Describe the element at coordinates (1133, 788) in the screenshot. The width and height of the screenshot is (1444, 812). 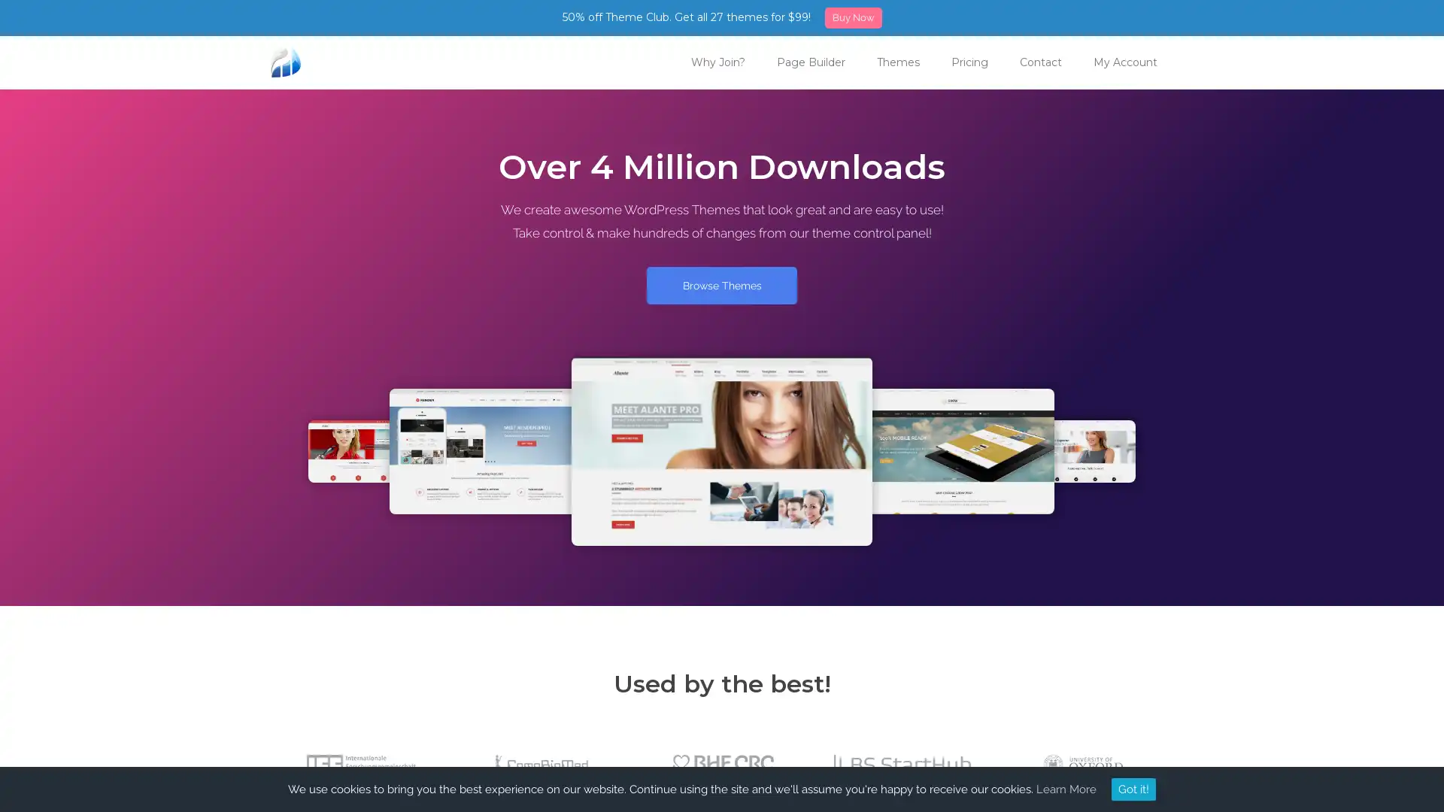
I see `Got it!` at that location.